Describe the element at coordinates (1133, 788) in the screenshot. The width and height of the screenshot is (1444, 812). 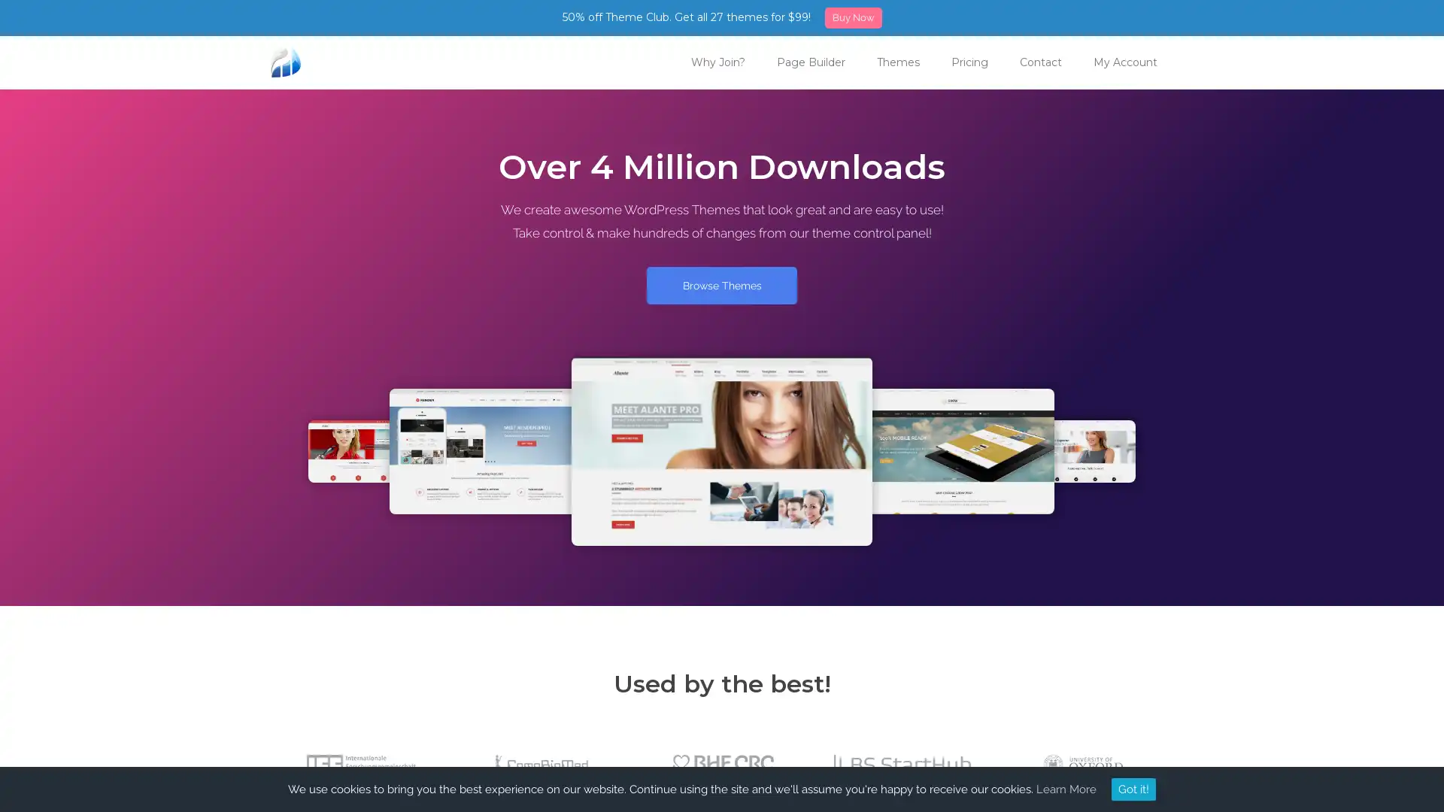
I see `Got it!` at that location.